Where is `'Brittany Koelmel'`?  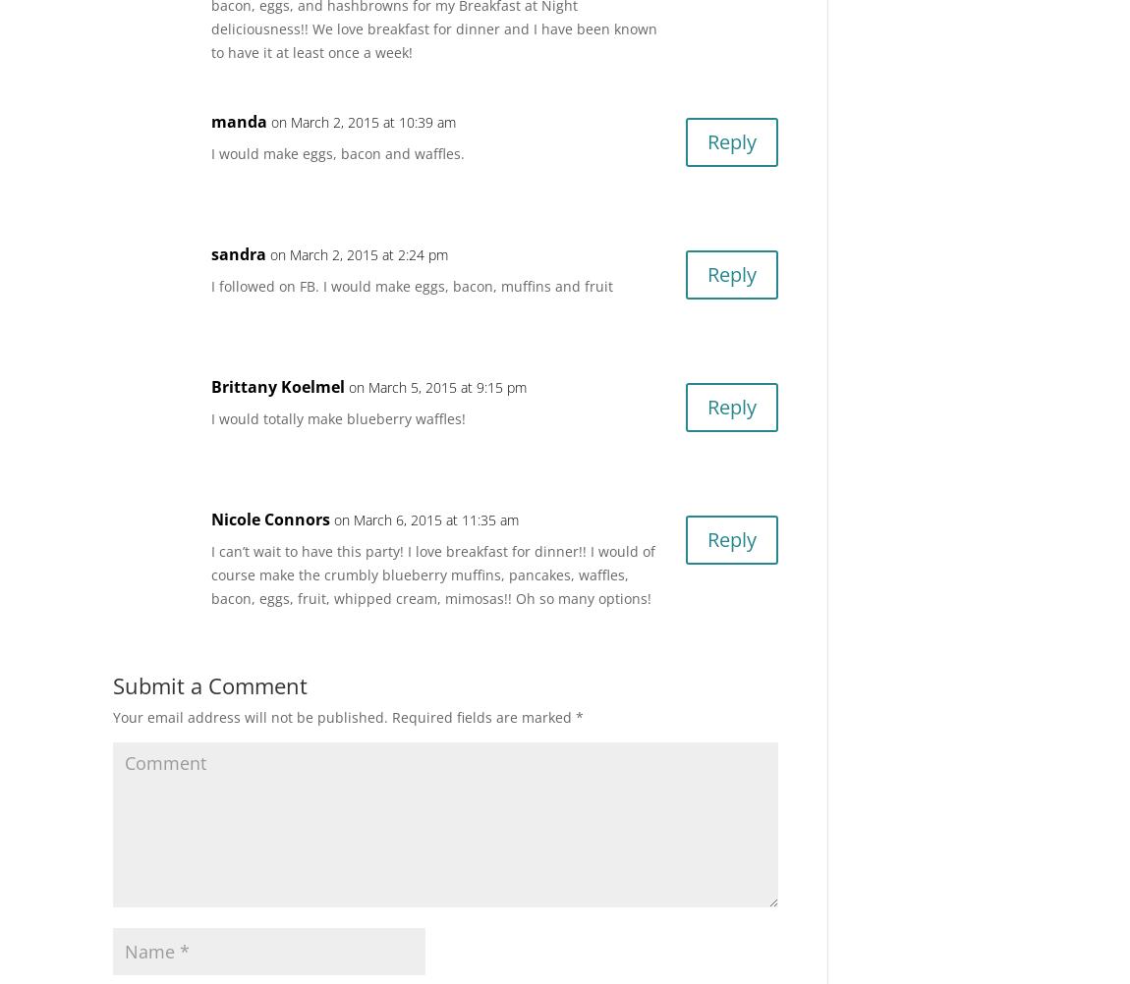
'Brittany Koelmel' is located at coordinates (277, 386).